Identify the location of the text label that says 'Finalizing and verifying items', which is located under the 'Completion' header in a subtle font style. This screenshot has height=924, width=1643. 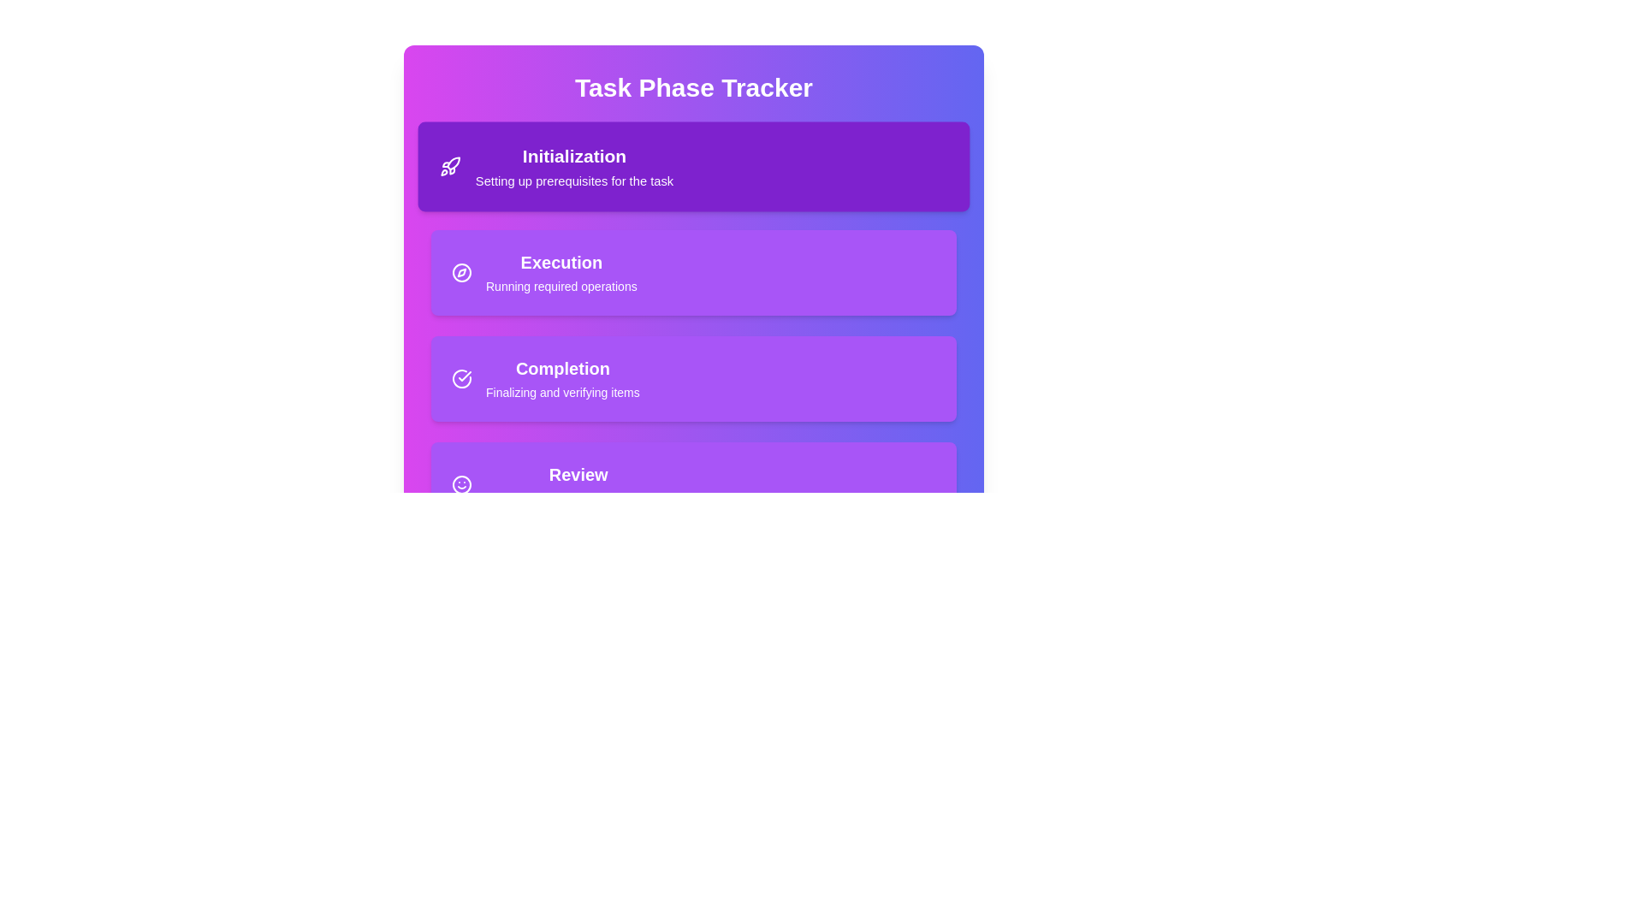
(562, 393).